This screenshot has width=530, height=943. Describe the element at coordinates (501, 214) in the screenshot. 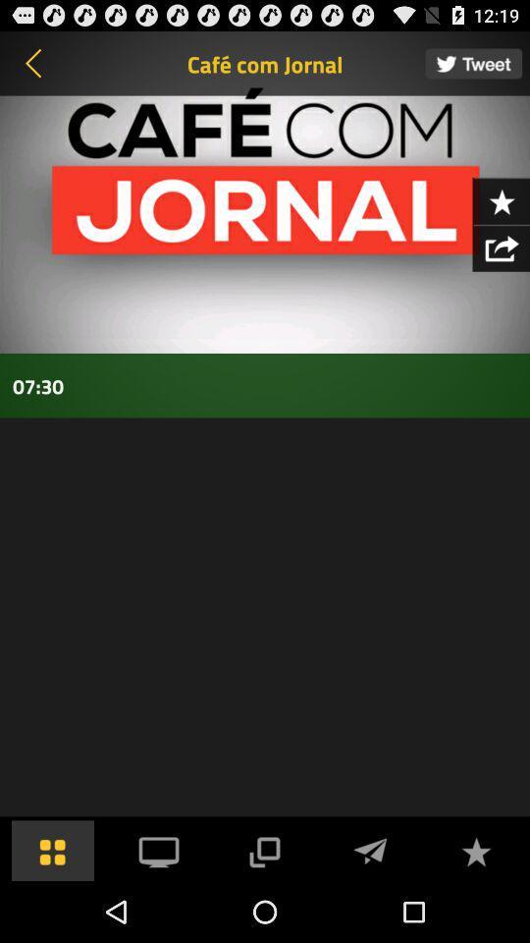

I see `the star icon` at that location.